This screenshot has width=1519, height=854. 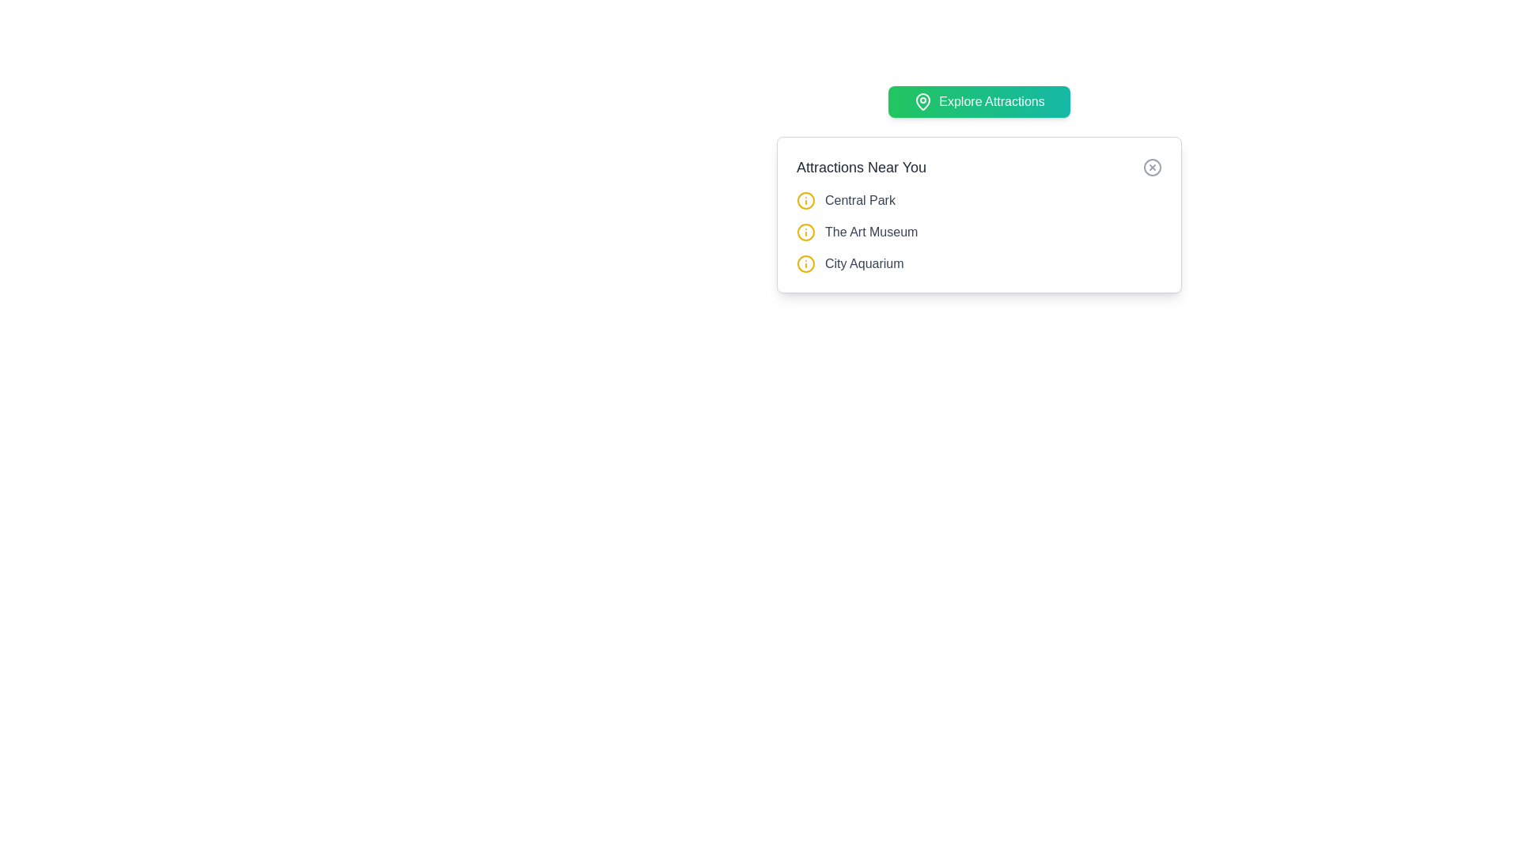 I want to click on the button that triggers actions related to exploring nearby attractions, located near the top center of the modal, above the 'Attractions Near You' title, so click(x=979, y=101).